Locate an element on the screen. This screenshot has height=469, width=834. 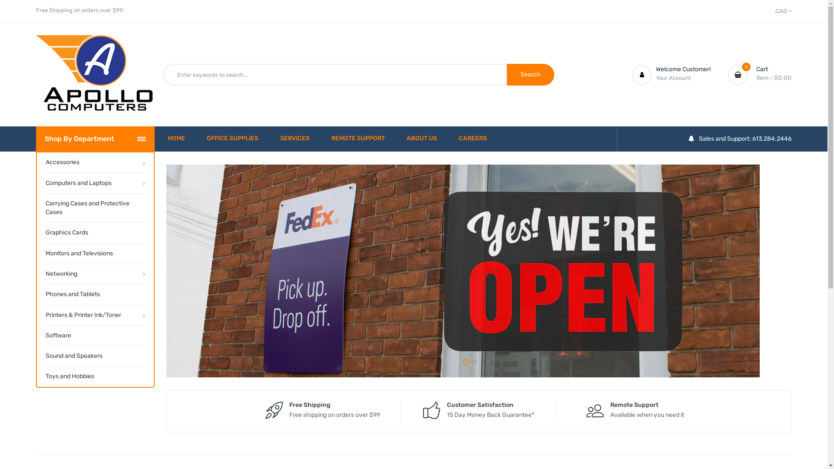
'Cart is located at coordinates (759, 74).